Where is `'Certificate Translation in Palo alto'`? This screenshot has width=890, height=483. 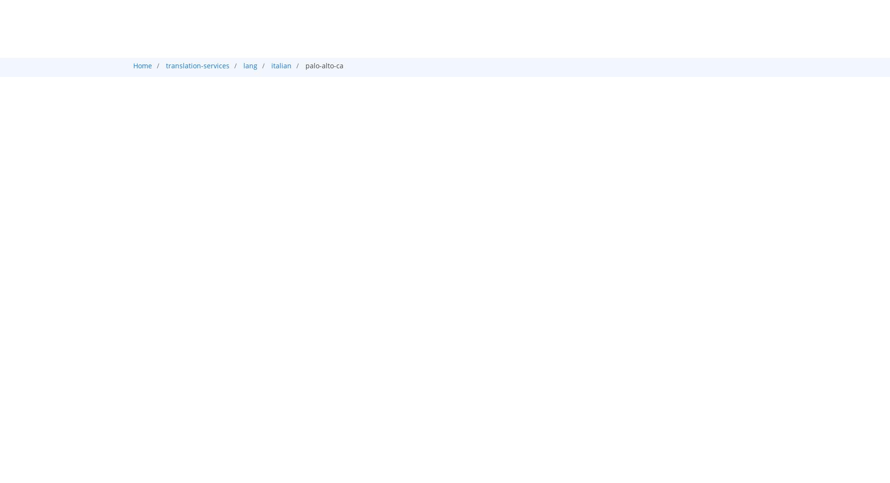
'Certificate Translation in Palo alto' is located at coordinates (244, 83).